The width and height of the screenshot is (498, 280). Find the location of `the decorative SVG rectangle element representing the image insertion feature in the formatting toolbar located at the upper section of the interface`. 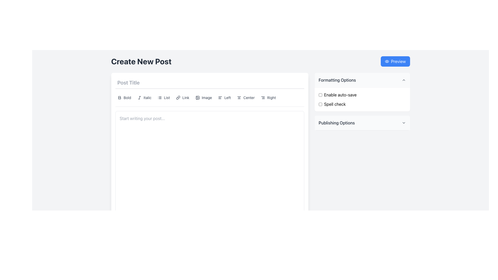

the decorative SVG rectangle element representing the image insertion feature in the formatting toolbar located at the upper section of the interface is located at coordinates (197, 98).